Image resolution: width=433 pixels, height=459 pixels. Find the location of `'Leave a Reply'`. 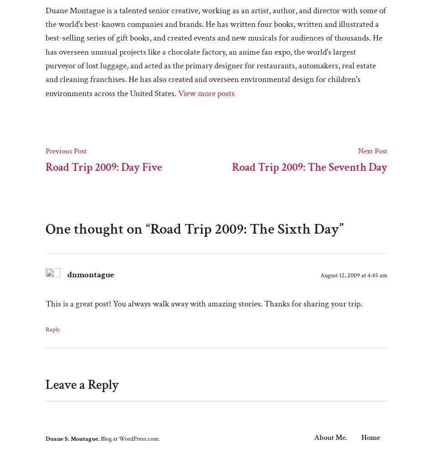

'Leave a Reply' is located at coordinates (82, 385).